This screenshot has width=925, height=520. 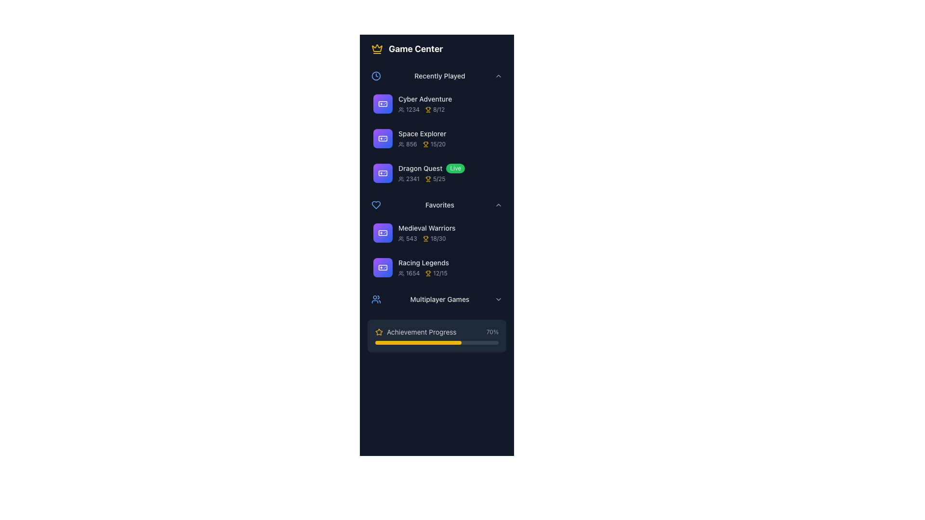 What do you see at coordinates (409, 109) in the screenshot?
I see `user count value displayed in the text label for the game 'Cyber Adventure', located in the first row under the 'Recently Played' section, to the right of the user count icon` at bounding box center [409, 109].